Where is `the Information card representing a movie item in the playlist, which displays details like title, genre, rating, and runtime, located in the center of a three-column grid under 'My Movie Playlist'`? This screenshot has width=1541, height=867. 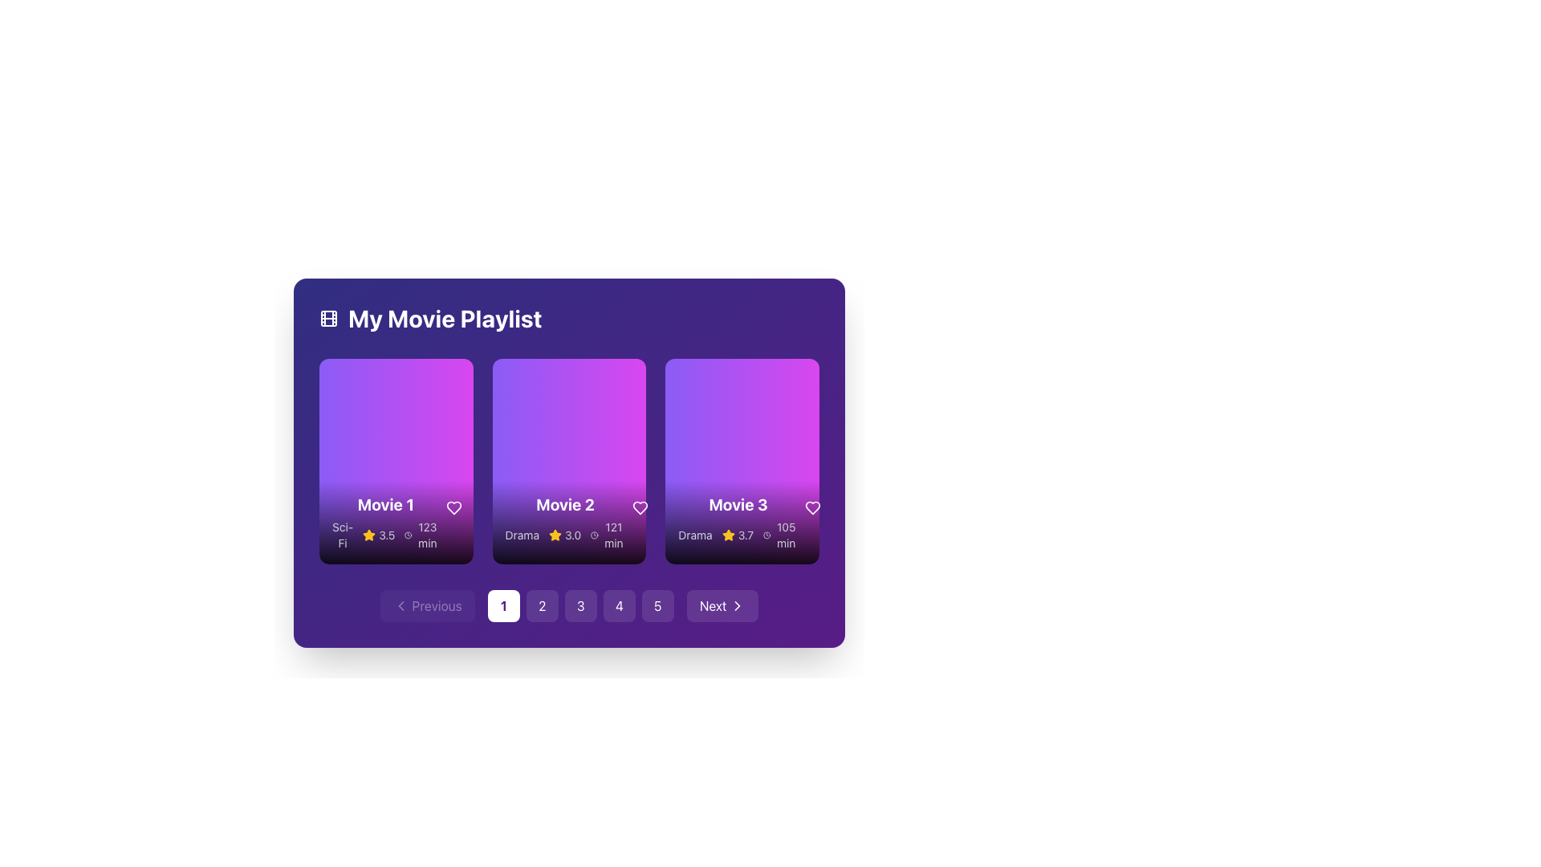 the Information card representing a movie item in the playlist, which displays details like title, genre, rating, and runtime, located in the center of a three-column grid under 'My Movie Playlist' is located at coordinates (569, 461).